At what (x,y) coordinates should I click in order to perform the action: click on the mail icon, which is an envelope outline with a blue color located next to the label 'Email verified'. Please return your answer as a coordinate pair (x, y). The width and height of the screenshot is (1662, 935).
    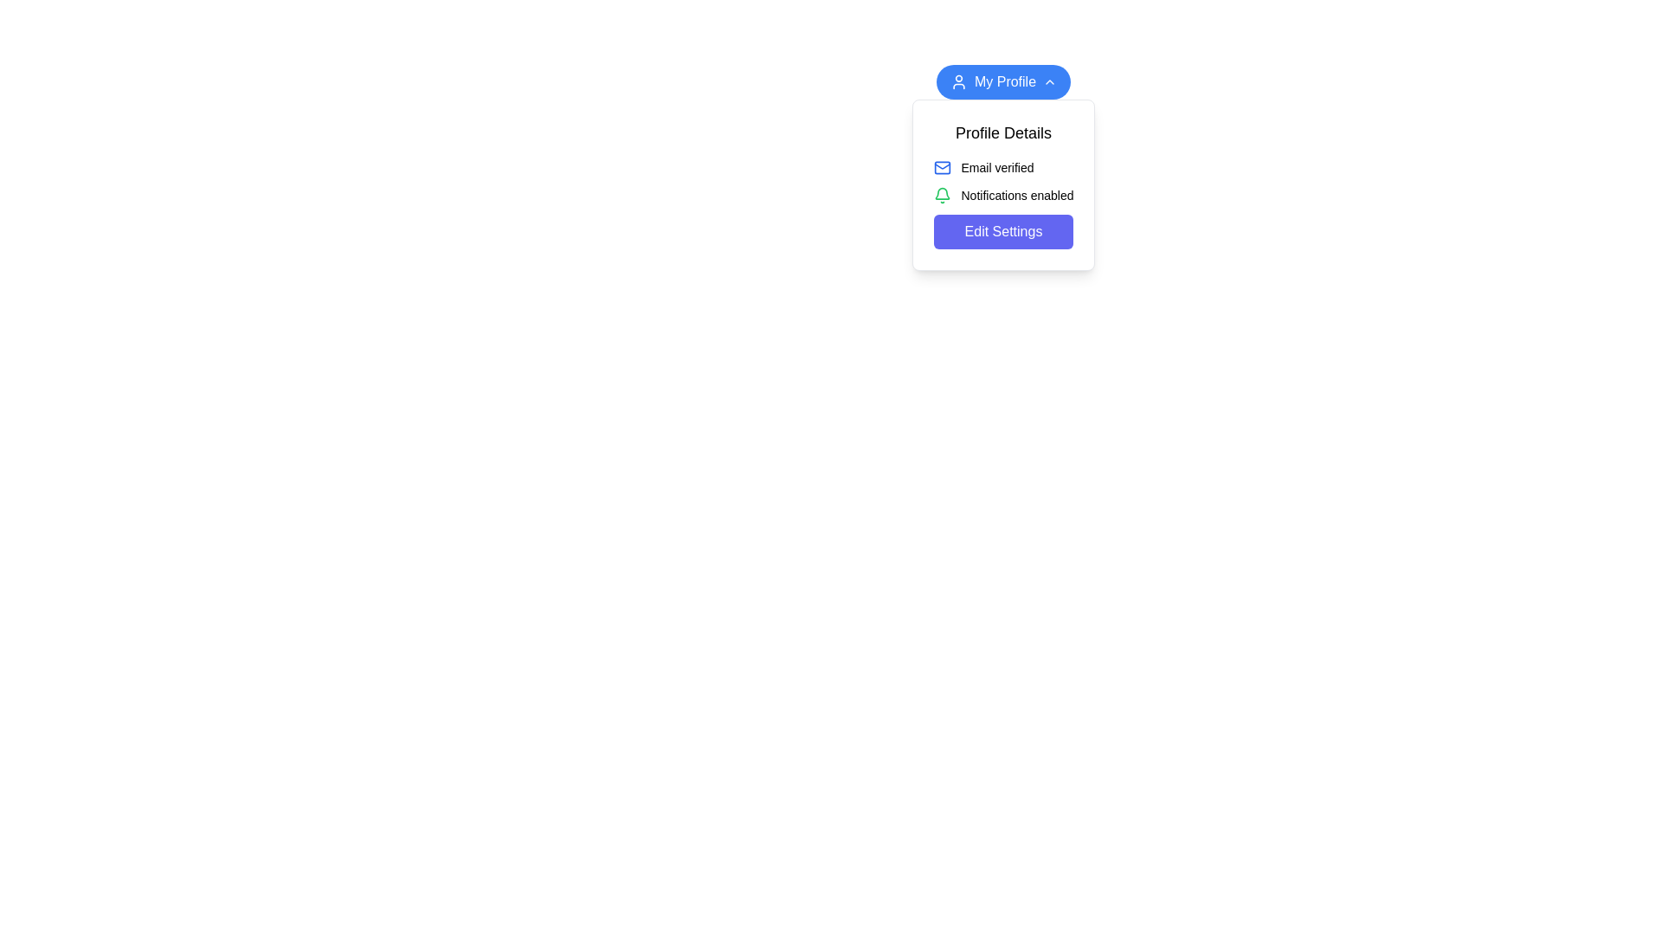
    Looking at the image, I should click on (941, 167).